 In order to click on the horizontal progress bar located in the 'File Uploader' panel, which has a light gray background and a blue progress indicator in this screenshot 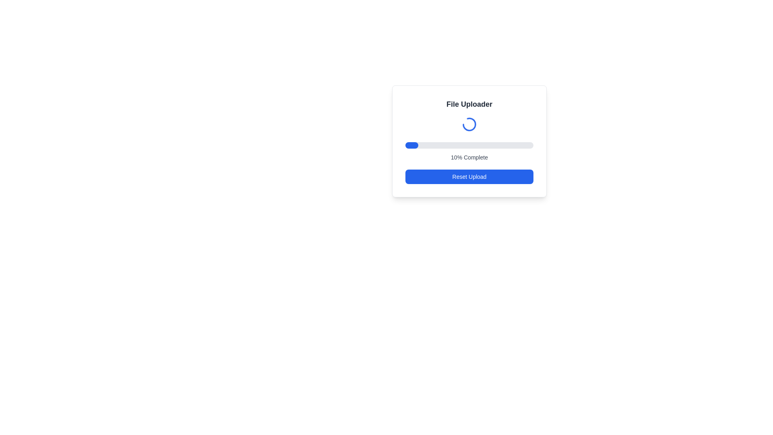, I will do `click(469, 145)`.